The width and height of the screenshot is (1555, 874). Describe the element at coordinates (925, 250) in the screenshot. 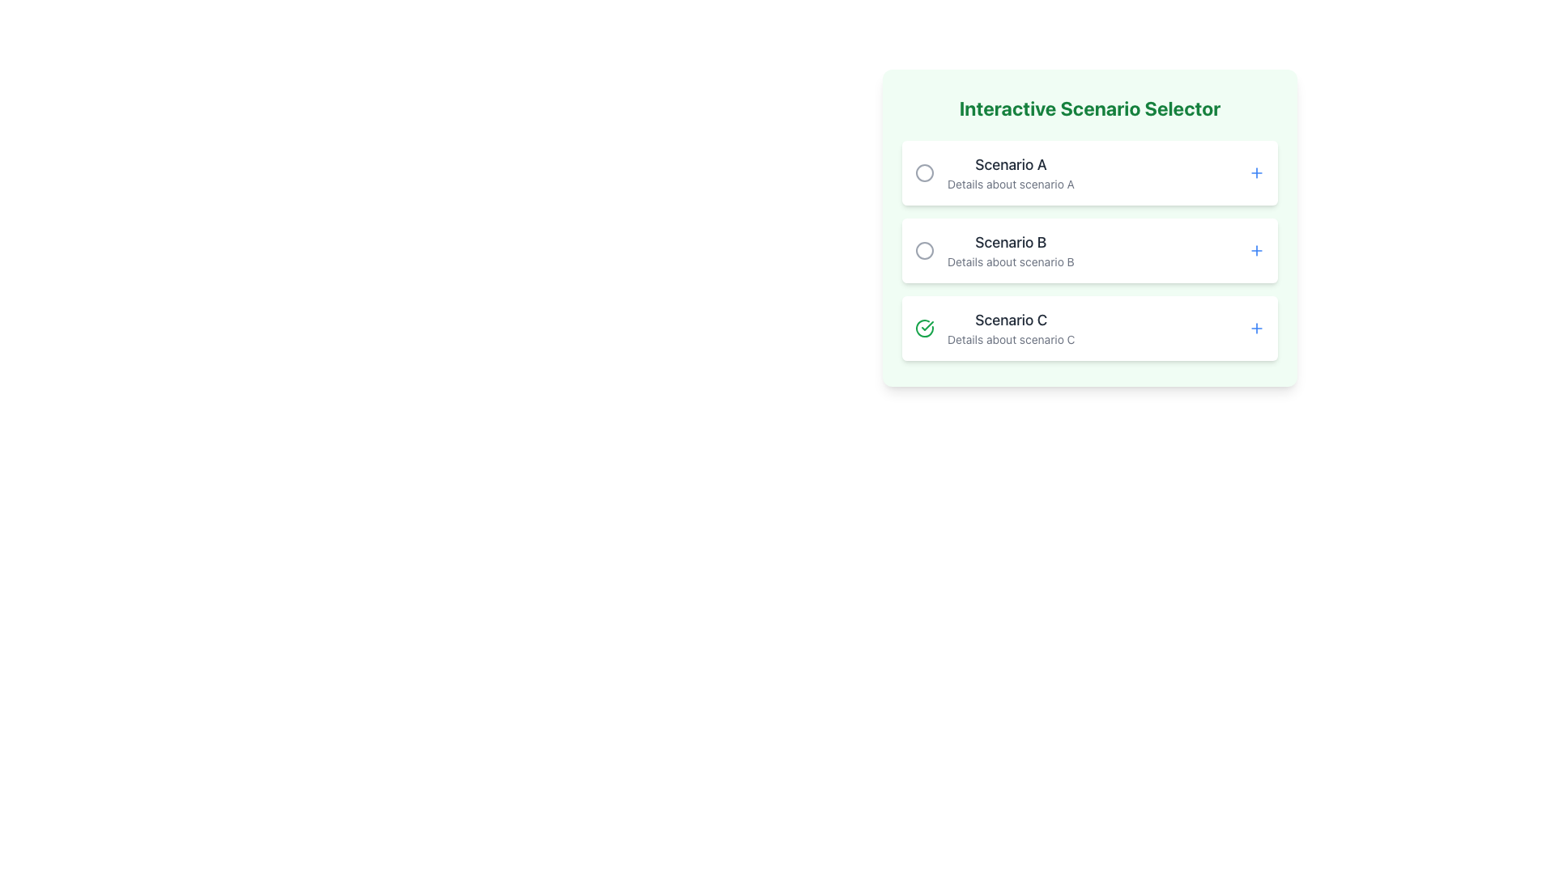

I see `the radio button representing the 'Scenario B' option` at that location.